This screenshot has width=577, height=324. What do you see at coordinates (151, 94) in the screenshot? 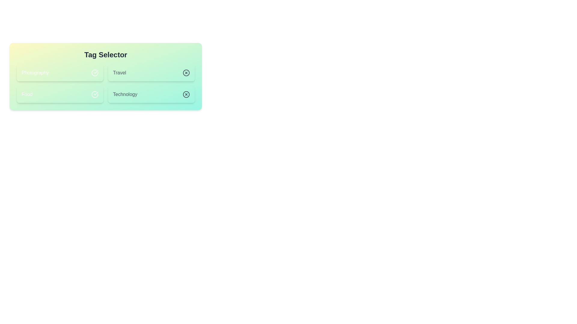
I see `the tag Technology to trigger its hover effect` at bounding box center [151, 94].